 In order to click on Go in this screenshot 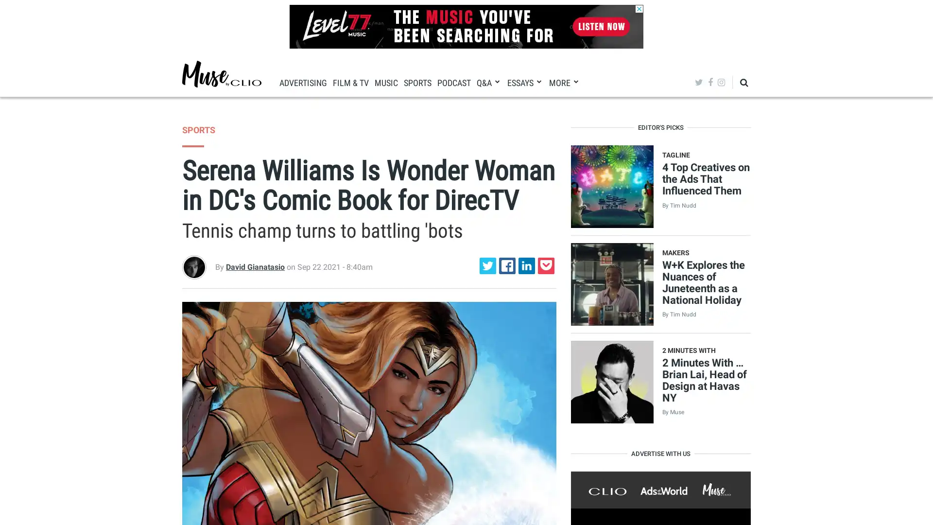, I will do `click(720, 111)`.